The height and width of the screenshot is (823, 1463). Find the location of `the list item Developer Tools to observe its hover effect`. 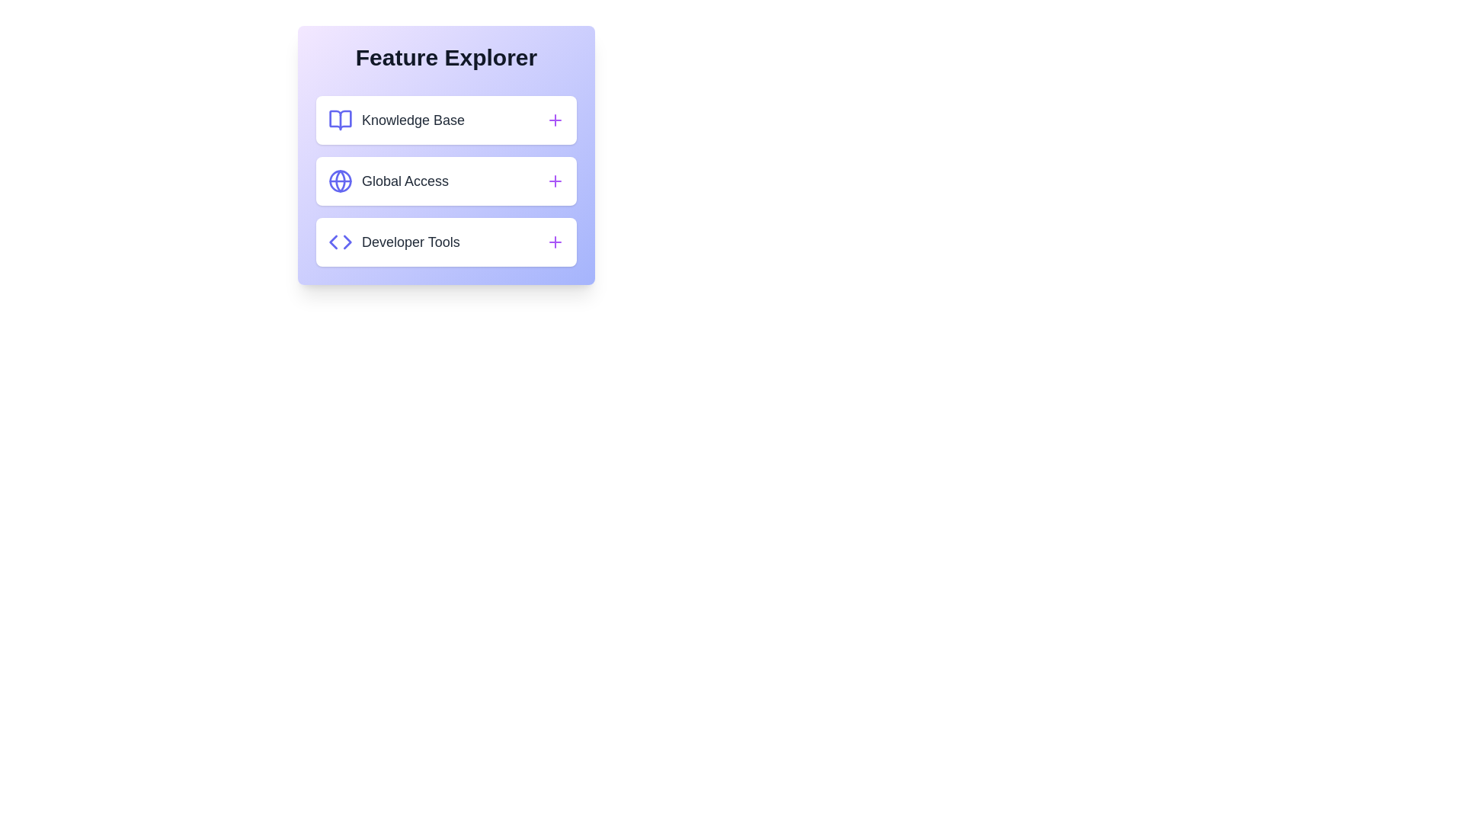

the list item Developer Tools to observe its hover effect is located at coordinates (445, 241).